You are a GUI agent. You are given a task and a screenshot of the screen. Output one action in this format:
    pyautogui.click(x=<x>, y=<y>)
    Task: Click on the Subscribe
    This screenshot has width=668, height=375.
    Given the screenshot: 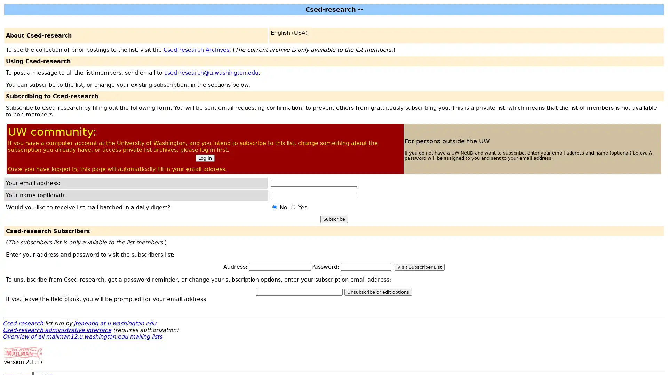 What is the action you would take?
    pyautogui.click(x=333, y=219)
    